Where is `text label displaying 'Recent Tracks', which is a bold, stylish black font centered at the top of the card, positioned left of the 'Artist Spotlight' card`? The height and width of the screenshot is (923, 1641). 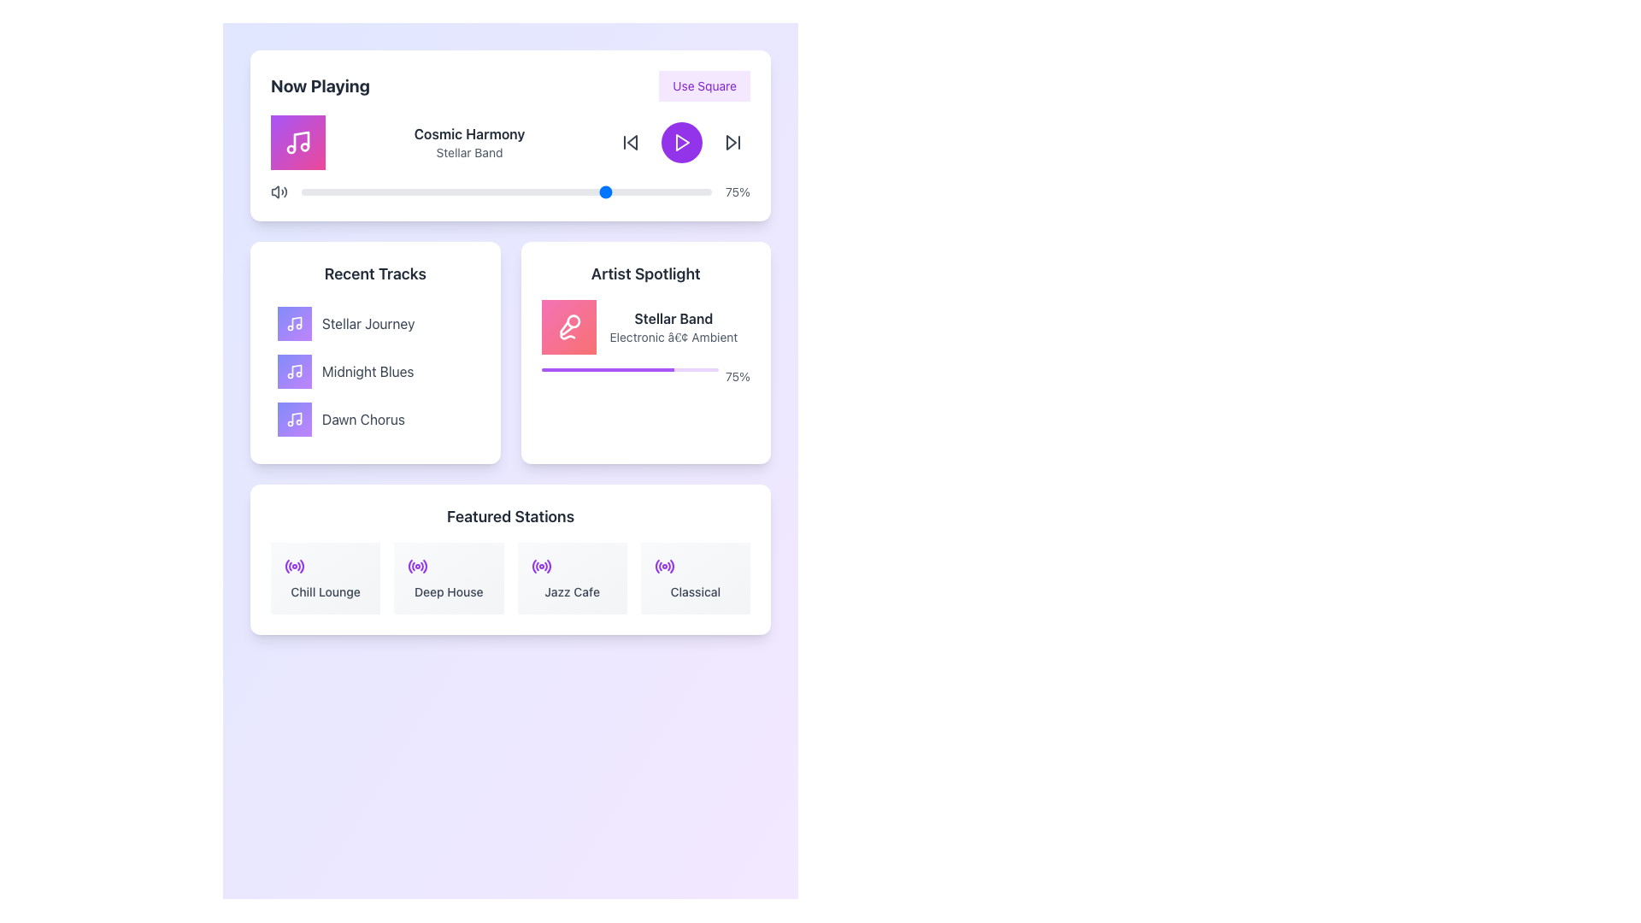 text label displaying 'Recent Tracks', which is a bold, stylish black font centered at the top of the card, positioned left of the 'Artist Spotlight' card is located at coordinates (374, 273).